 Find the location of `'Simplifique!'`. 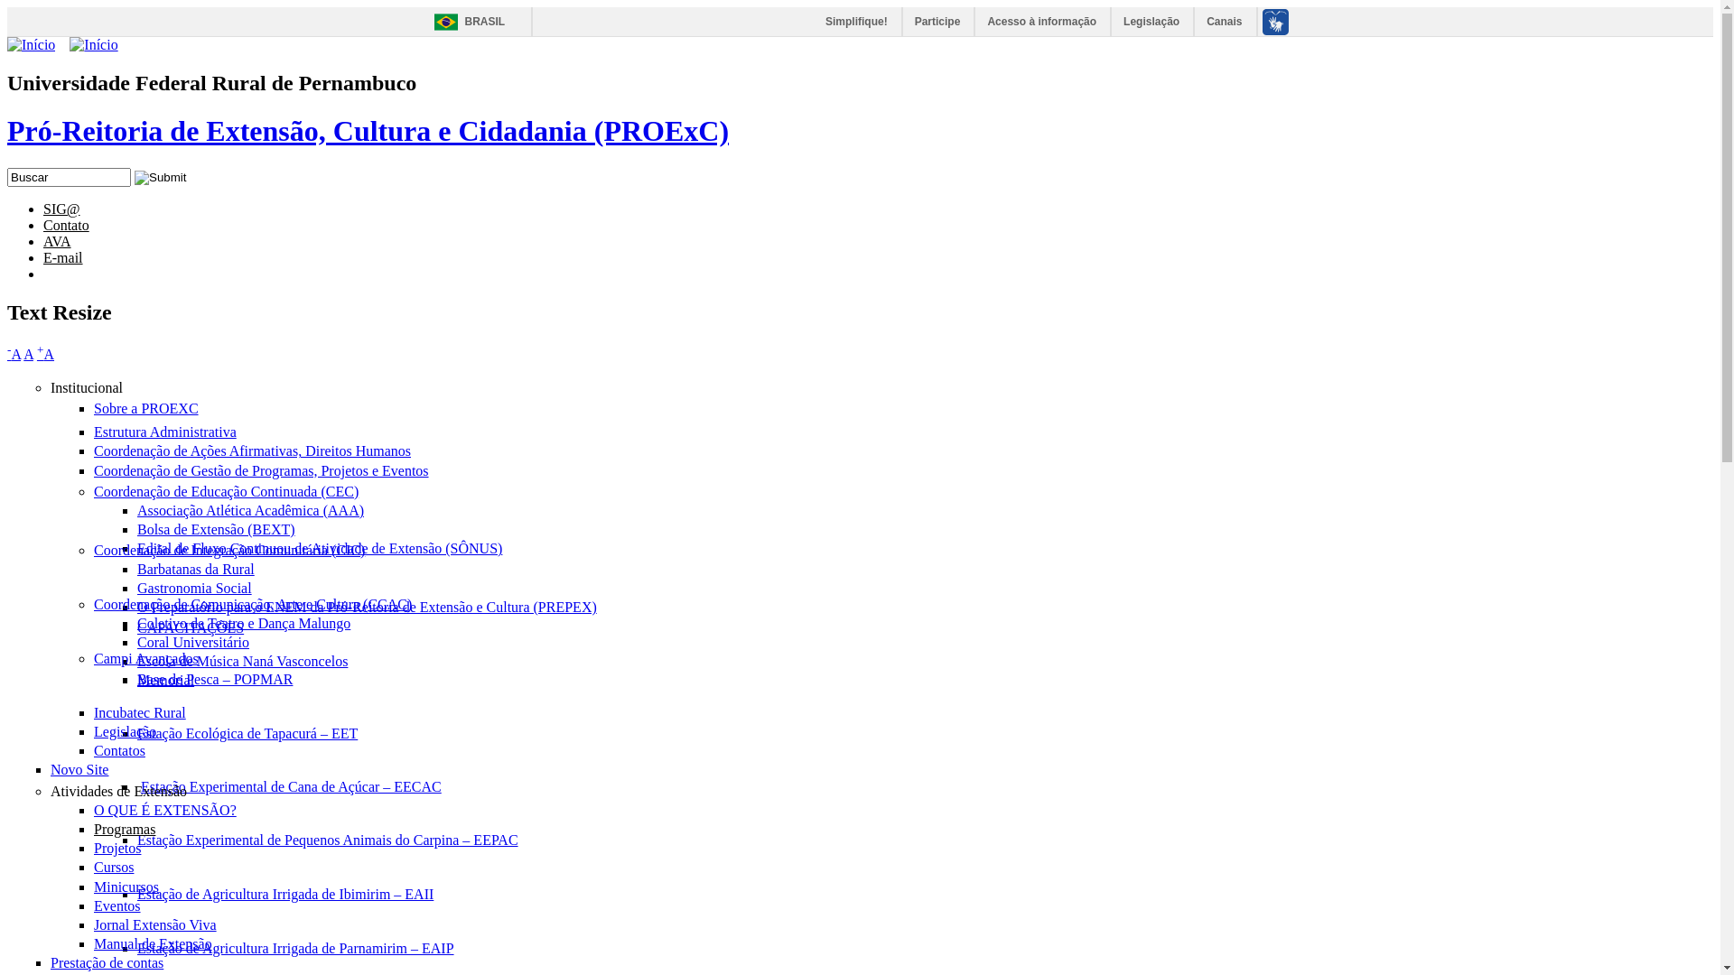

'Simplifique!' is located at coordinates (813, 21).